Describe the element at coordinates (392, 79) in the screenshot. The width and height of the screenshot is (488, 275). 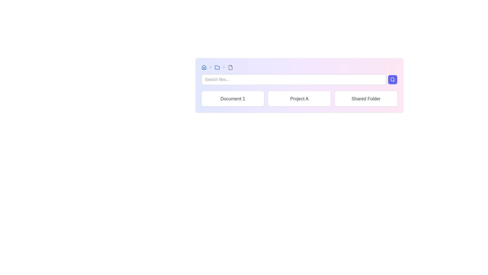
I see `the central circular component of the search icon in the top-right corner of the compact search bar` at that location.